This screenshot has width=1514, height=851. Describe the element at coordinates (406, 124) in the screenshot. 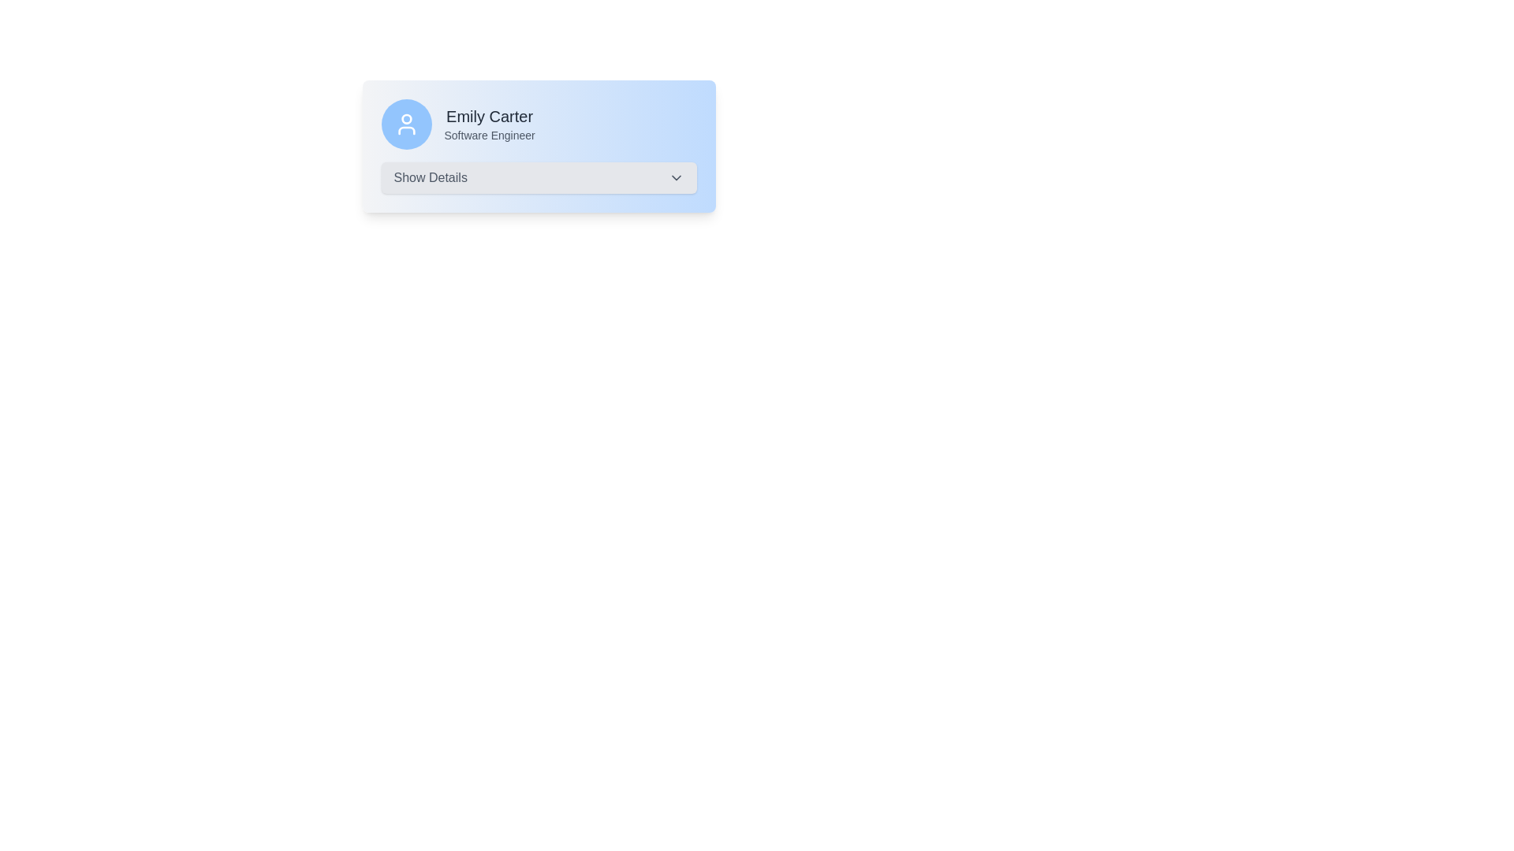

I see `the user profile silhouette icon, which is a minimalistic design with white lines on a blue background, located in the top left section of a card interface` at that location.